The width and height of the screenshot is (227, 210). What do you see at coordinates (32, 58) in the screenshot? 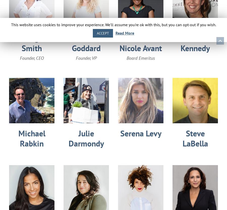
I see `'Founder, CEO'` at bounding box center [32, 58].